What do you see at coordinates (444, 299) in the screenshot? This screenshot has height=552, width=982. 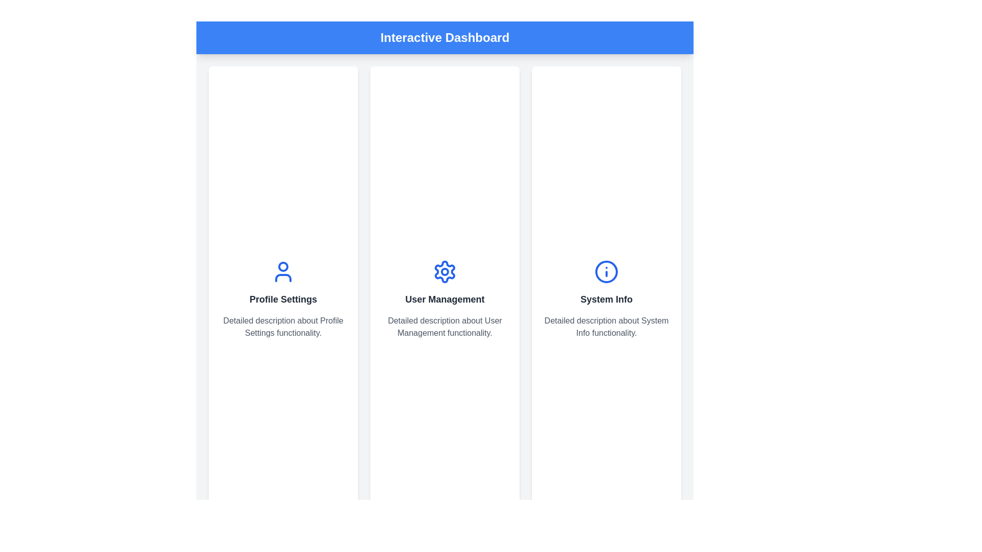 I see `text label displaying 'User Management', which is bold and centrally located above the descriptive paragraph and below a gear-shaped icon` at bounding box center [444, 299].